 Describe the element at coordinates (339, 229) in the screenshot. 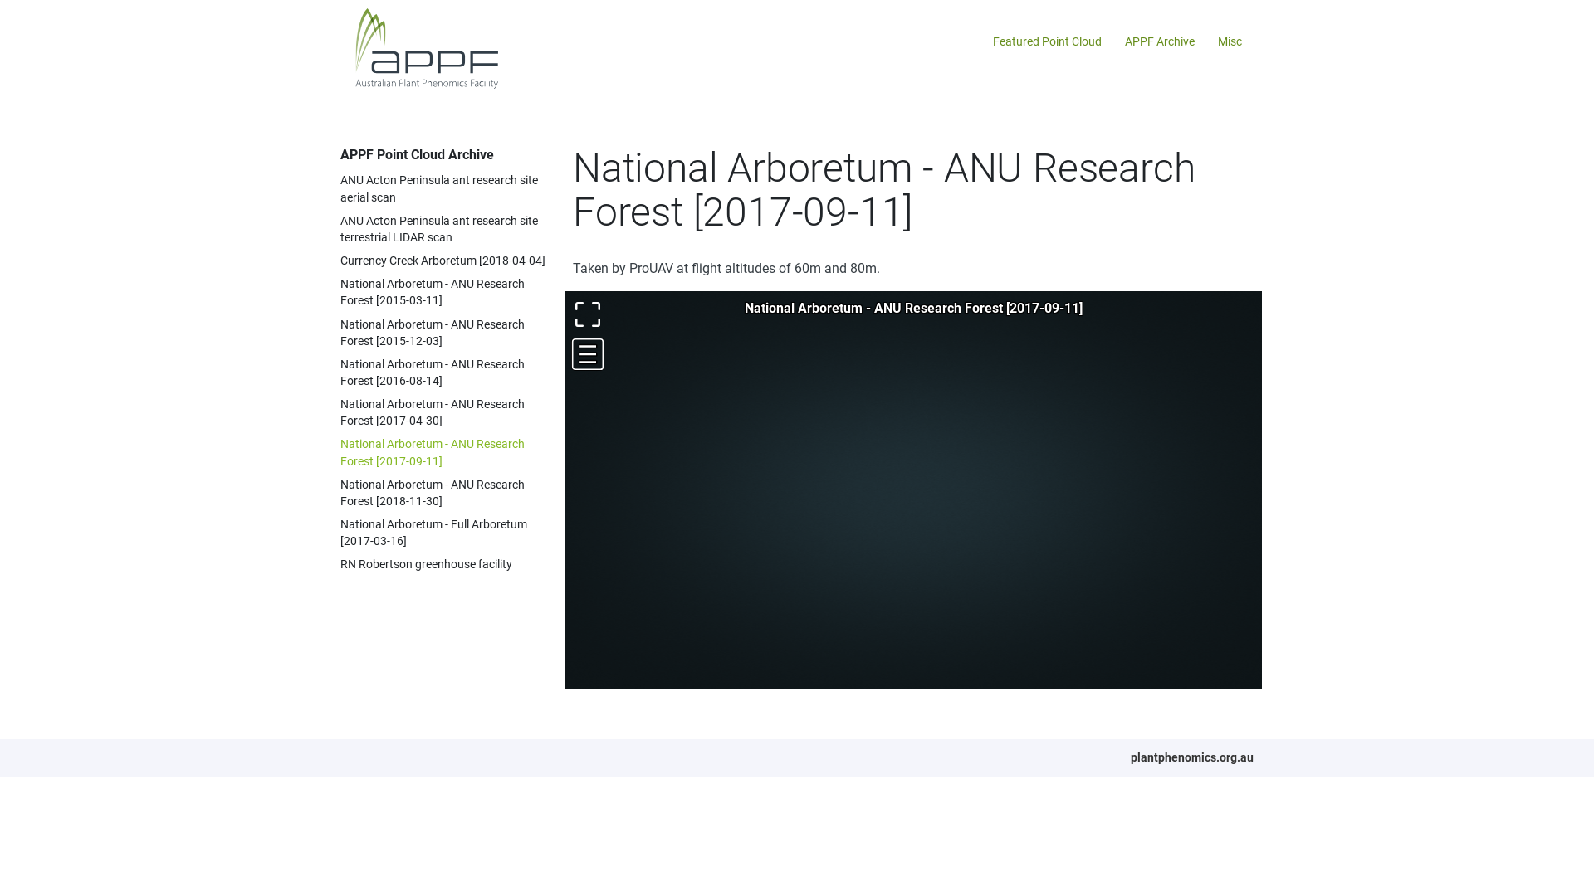

I see `'ANU Acton Peninsula ant research site terrestrial LIDAR scan'` at that location.